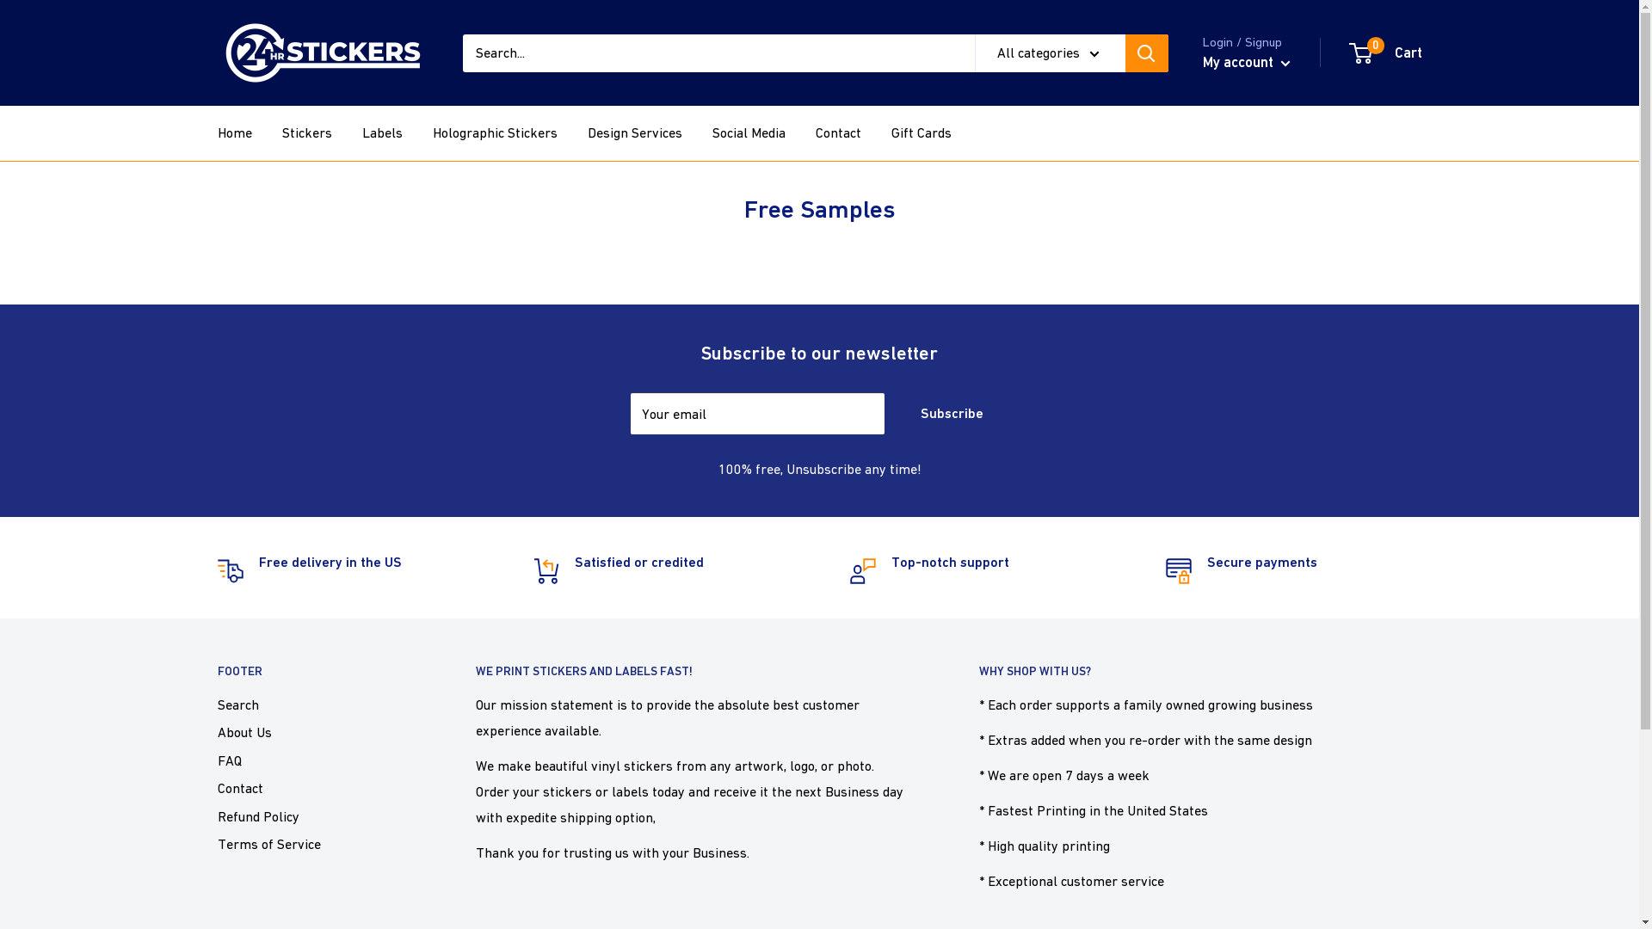  What do you see at coordinates (1349, 52) in the screenshot?
I see `'0` at bounding box center [1349, 52].